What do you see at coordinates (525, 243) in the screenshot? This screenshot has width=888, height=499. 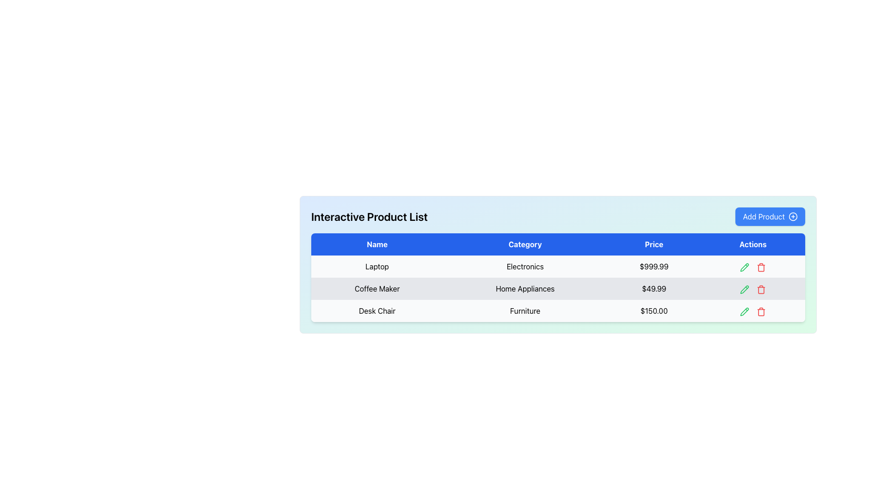 I see `the text of the table header cell labeled 'Category', which is the second header in the table with a blue background and white bold text` at bounding box center [525, 243].